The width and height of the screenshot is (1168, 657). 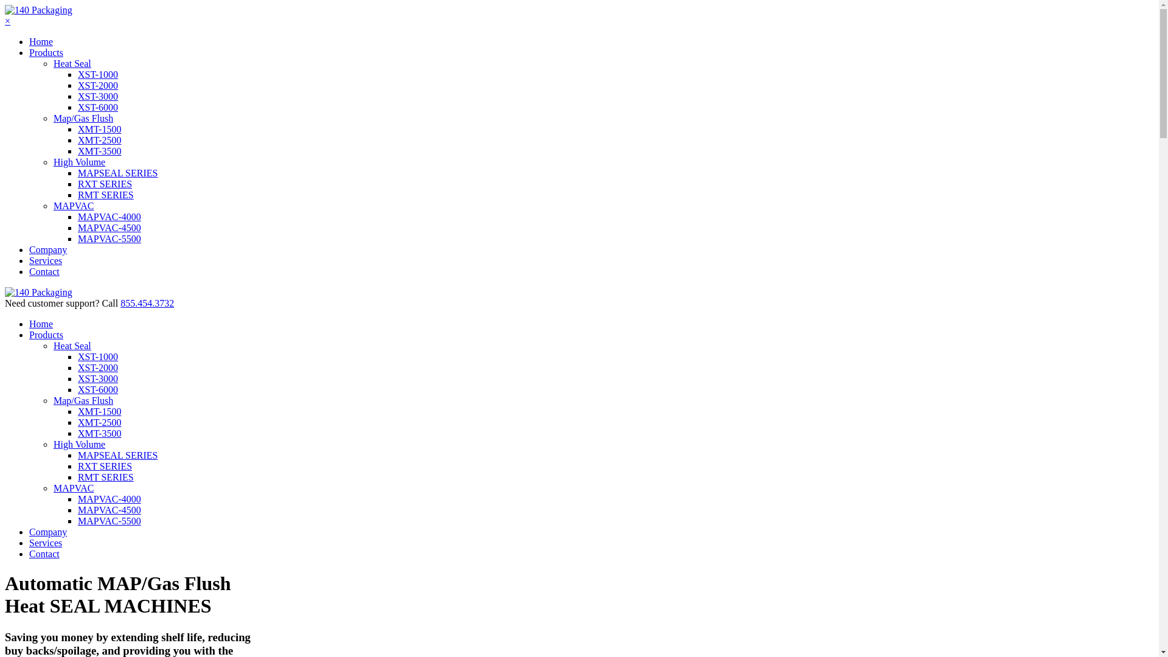 What do you see at coordinates (72, 346) in the screenshot?
I see `'Heat Seal'` at bounding box center [72, 346].